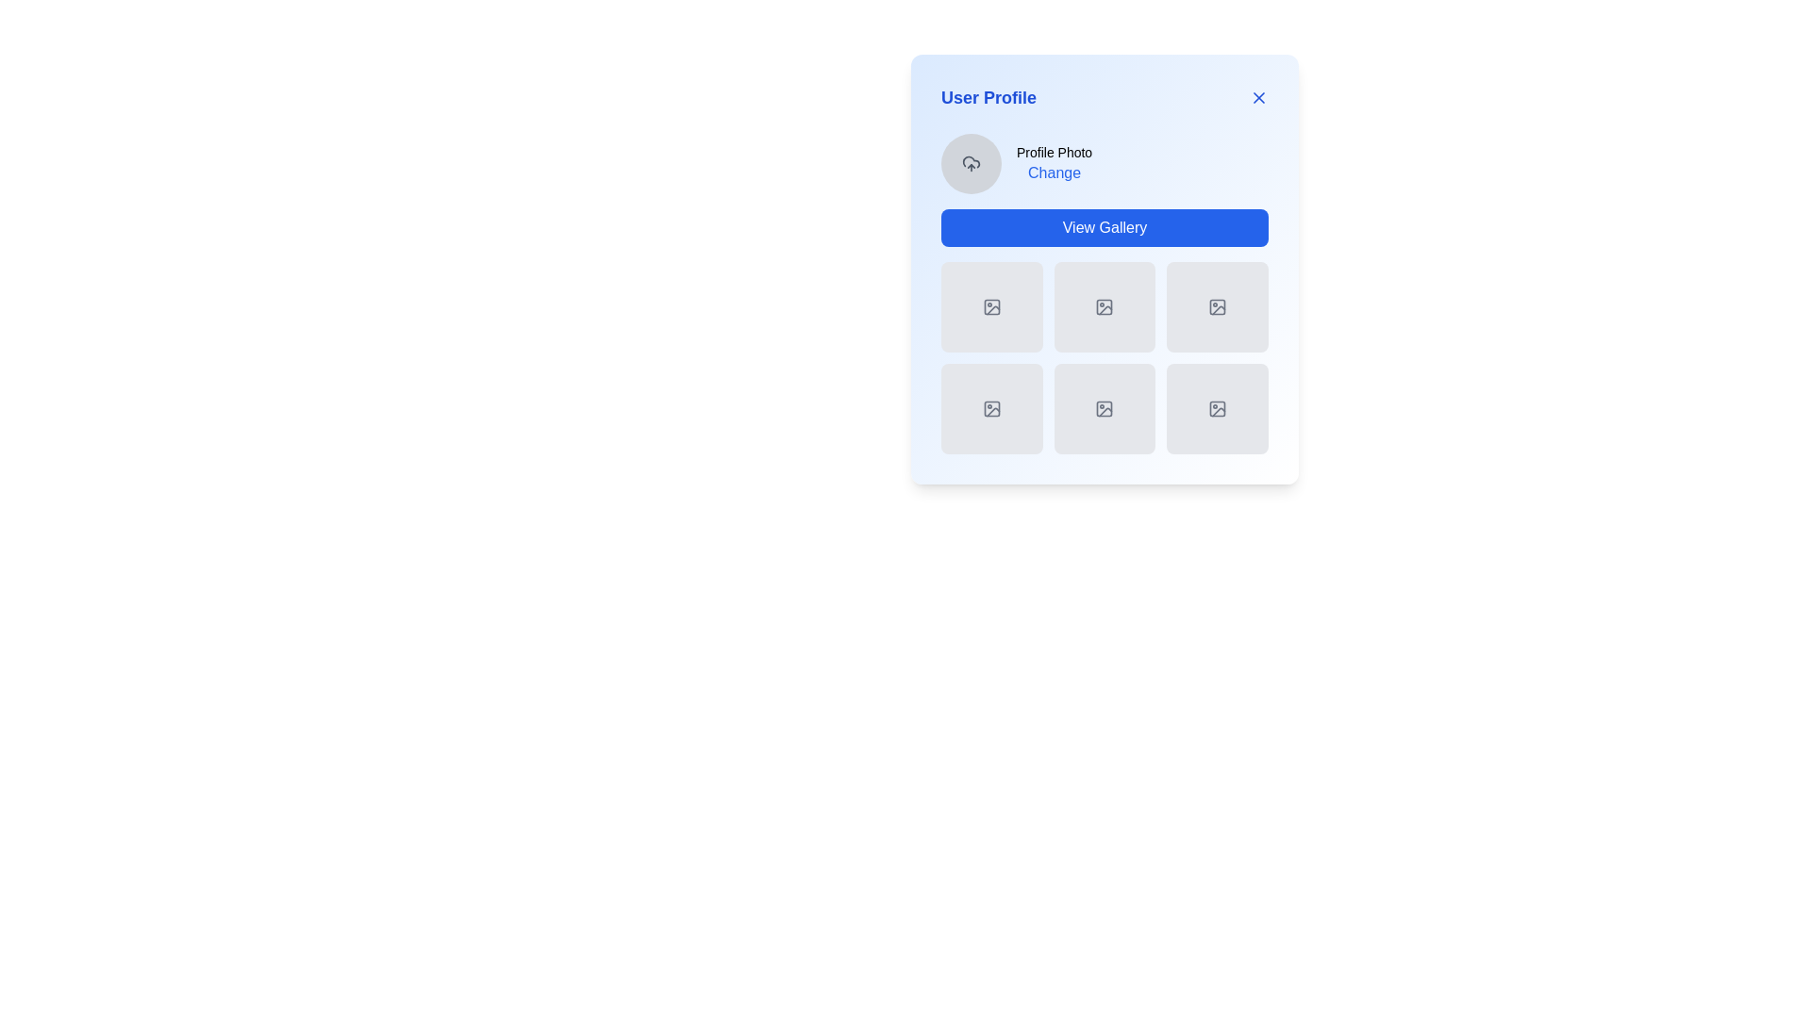  What do you see at coordinates (1218, 408) in the screenshot?
I see `the gray picture icon in the lower-right position of the 3x2 grid on the blue-tinted user profile card` at bounding box center [1218, 408].